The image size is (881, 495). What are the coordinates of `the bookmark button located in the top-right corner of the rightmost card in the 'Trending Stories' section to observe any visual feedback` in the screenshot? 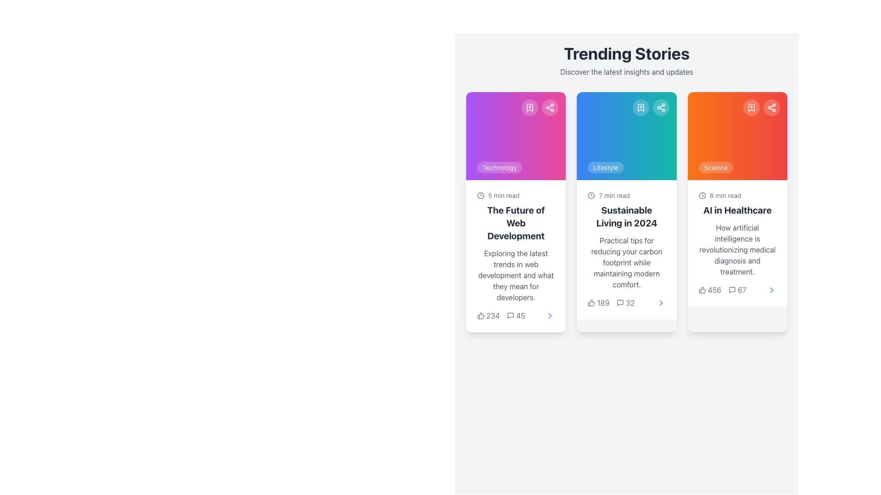 It's located at (751, 107).